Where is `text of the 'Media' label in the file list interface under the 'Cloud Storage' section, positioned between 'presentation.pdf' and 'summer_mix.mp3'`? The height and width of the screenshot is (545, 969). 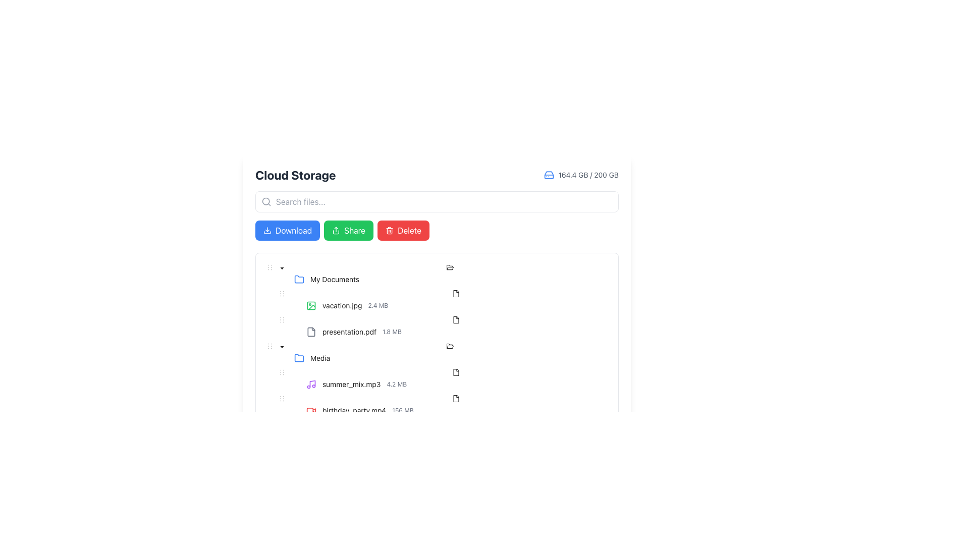 text of the 'Media' label in the file list interface under the 'Cloud Storage' section, positioned between 'presentation.pdf' and 'summer_mix.mp3' is located at coordinates (319, 357).